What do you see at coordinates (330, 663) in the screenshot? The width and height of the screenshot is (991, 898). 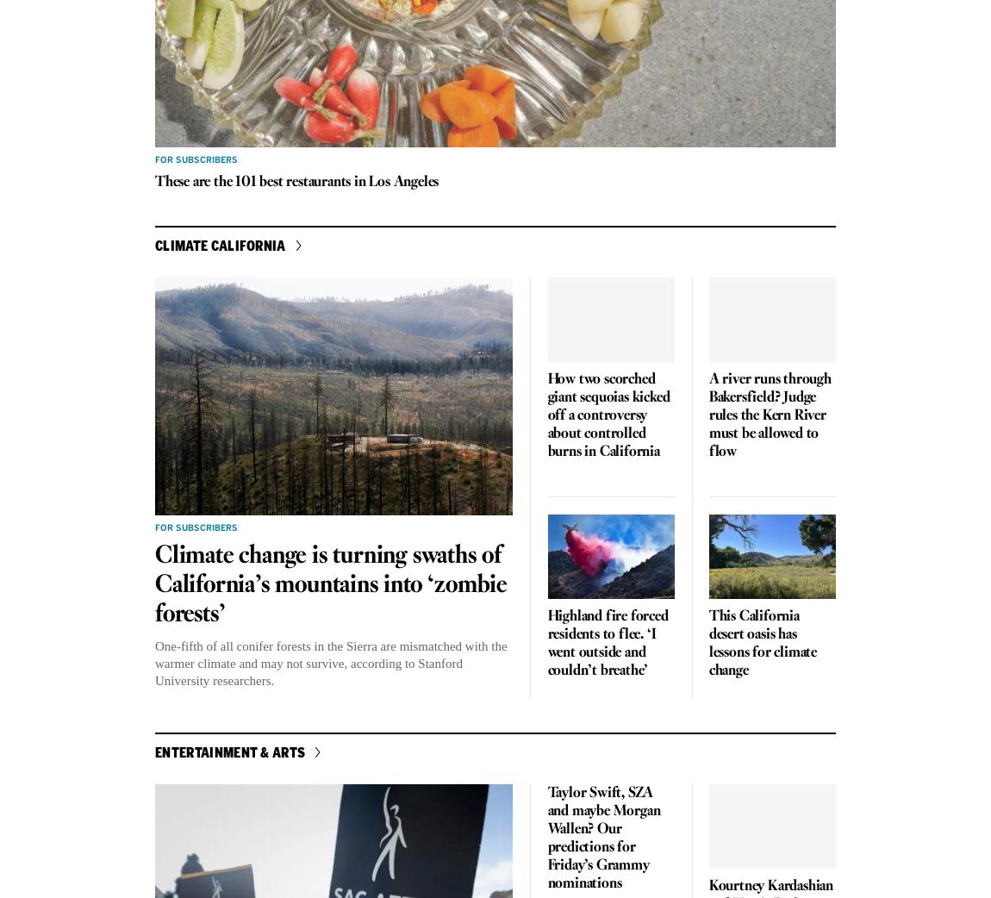 I see `'One-fifth of all conifer forests in the Sierra are mismatched with the warmer climate and may not survive, according to Stanford University researchers.'` at bounding box center [330, 663].